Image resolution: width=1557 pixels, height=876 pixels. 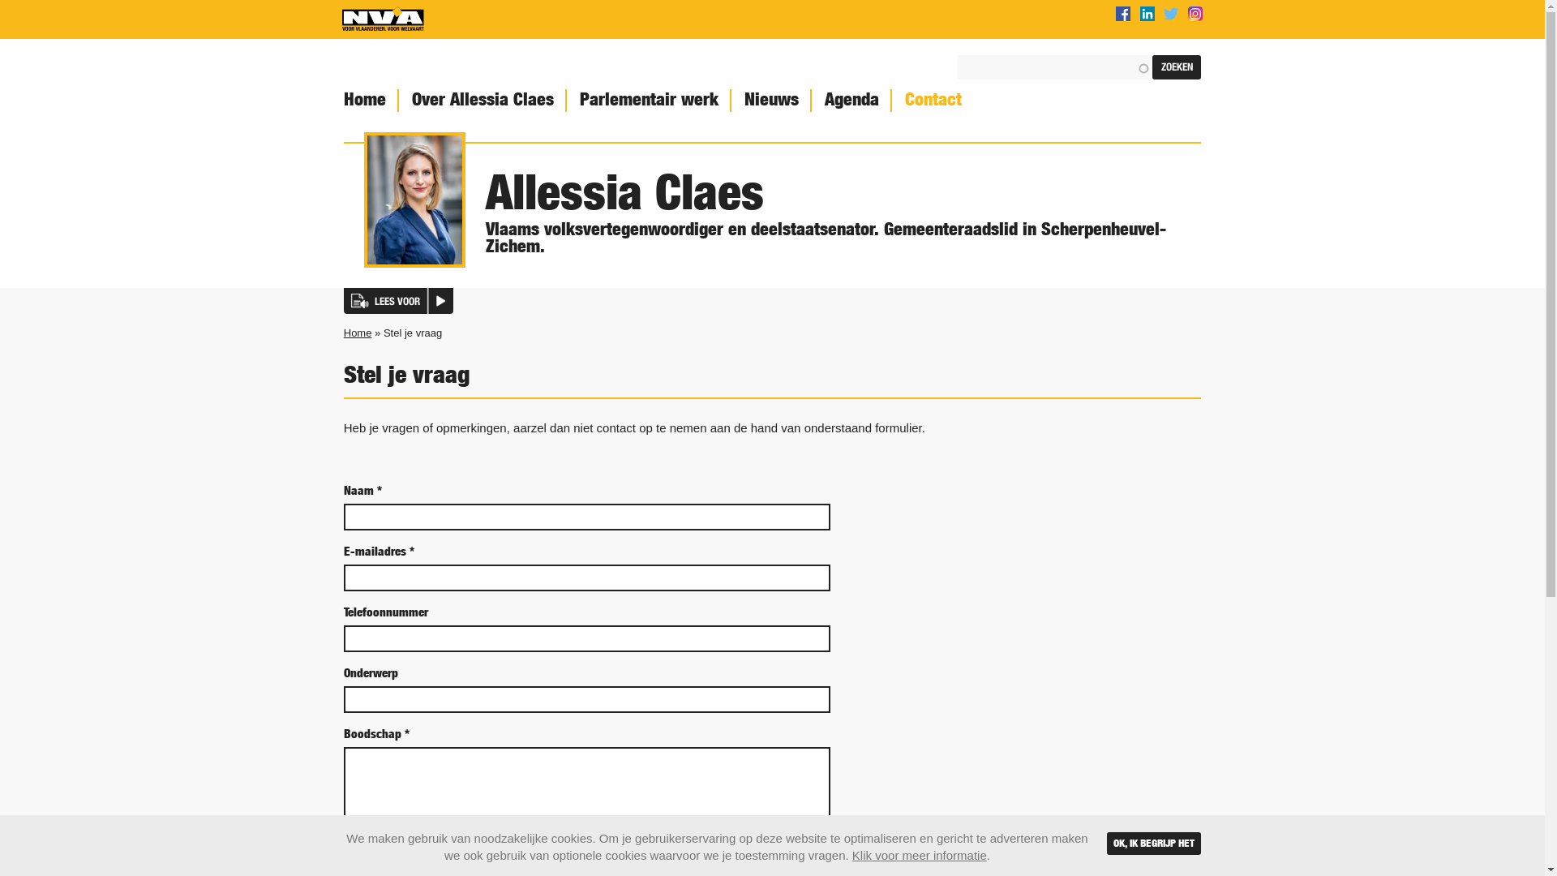 What do you see at coordinates (1152, 843) in the screenshot?
I see `'OK, IK BEGRIJP HET'` at bounding box center [1152, 843].